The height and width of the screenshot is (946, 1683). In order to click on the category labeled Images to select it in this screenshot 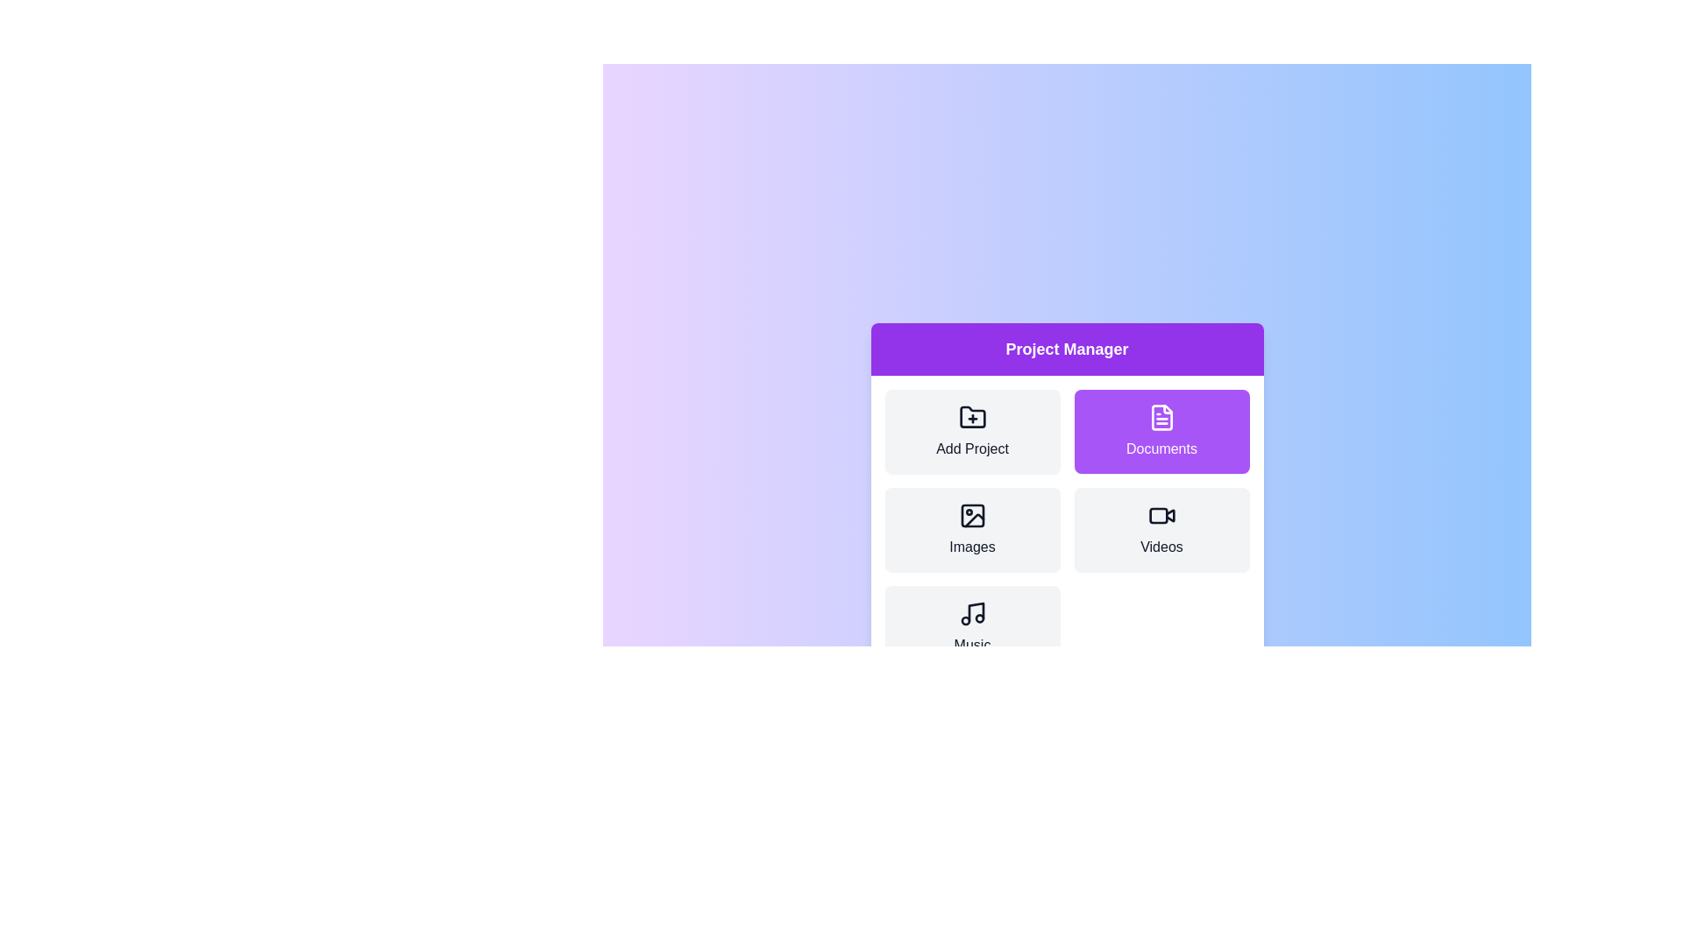, I will do `click(971, 529)`.